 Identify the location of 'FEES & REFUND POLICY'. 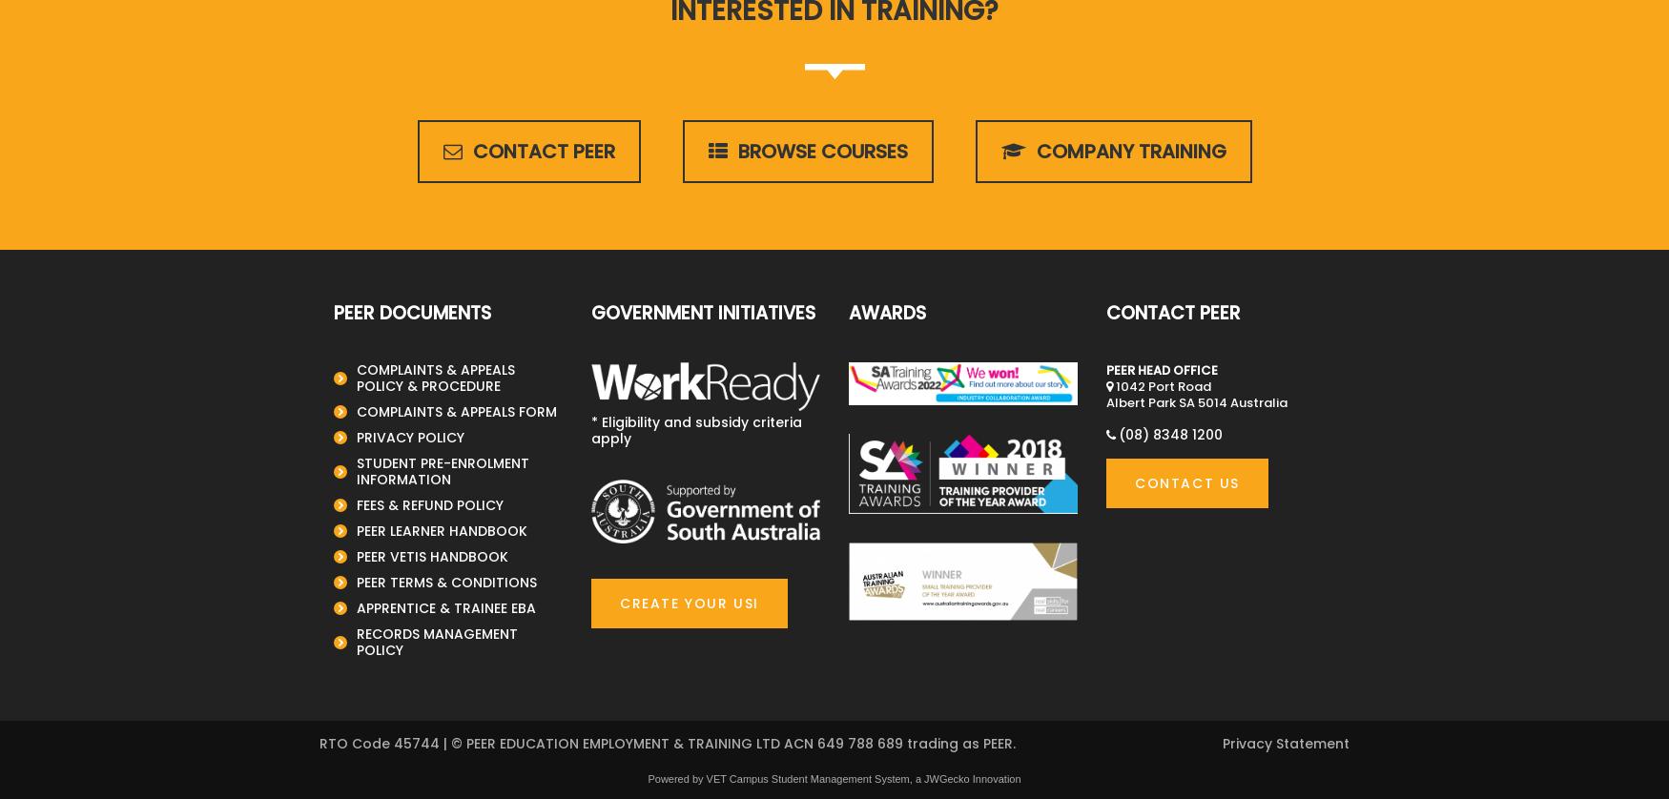
(356, 504).